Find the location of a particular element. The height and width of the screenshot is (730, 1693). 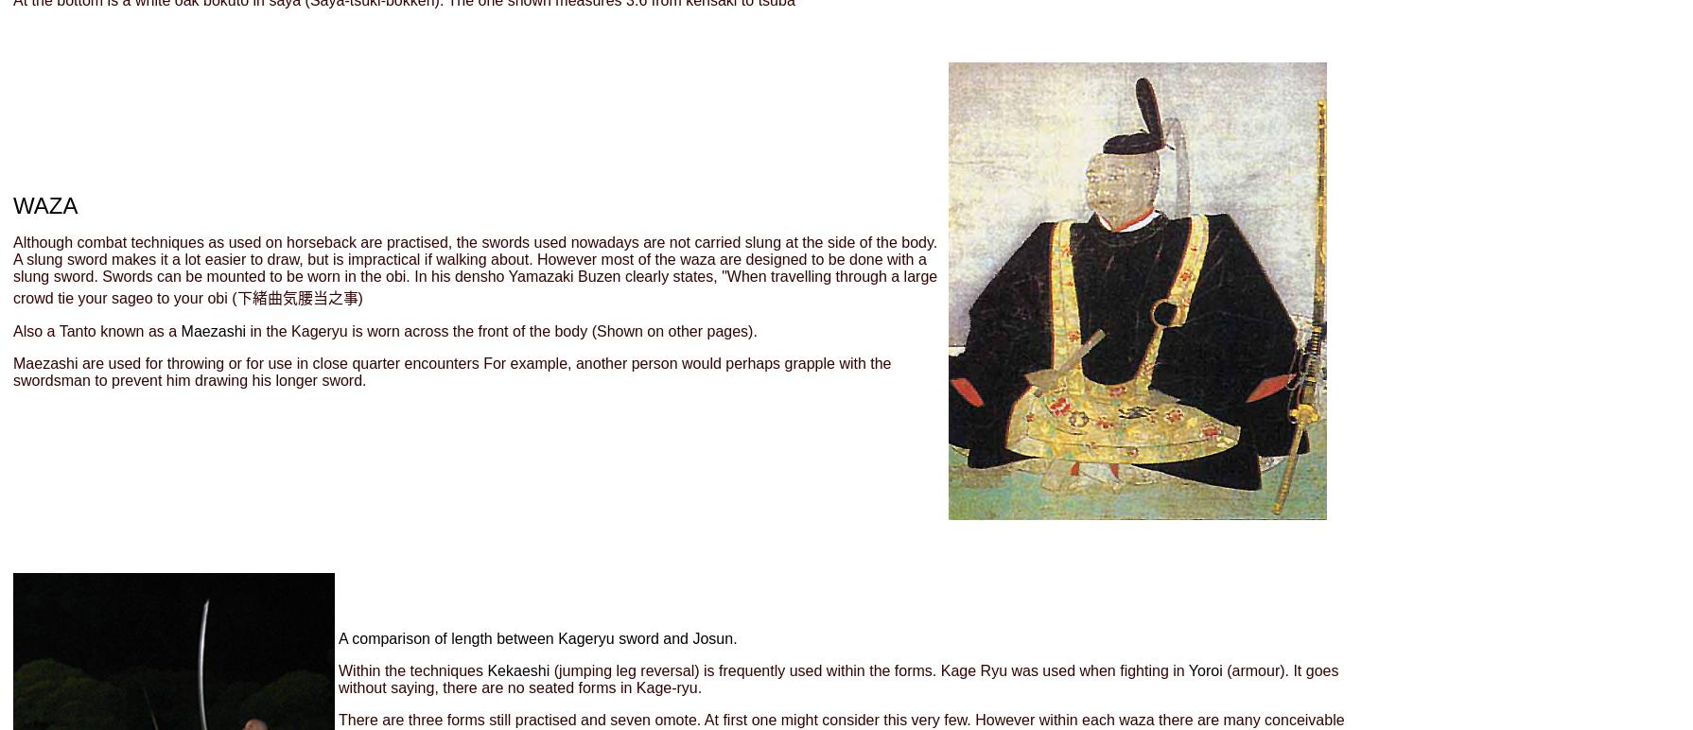

'(Shown on other pages).' is located at coordinates (590, 330).